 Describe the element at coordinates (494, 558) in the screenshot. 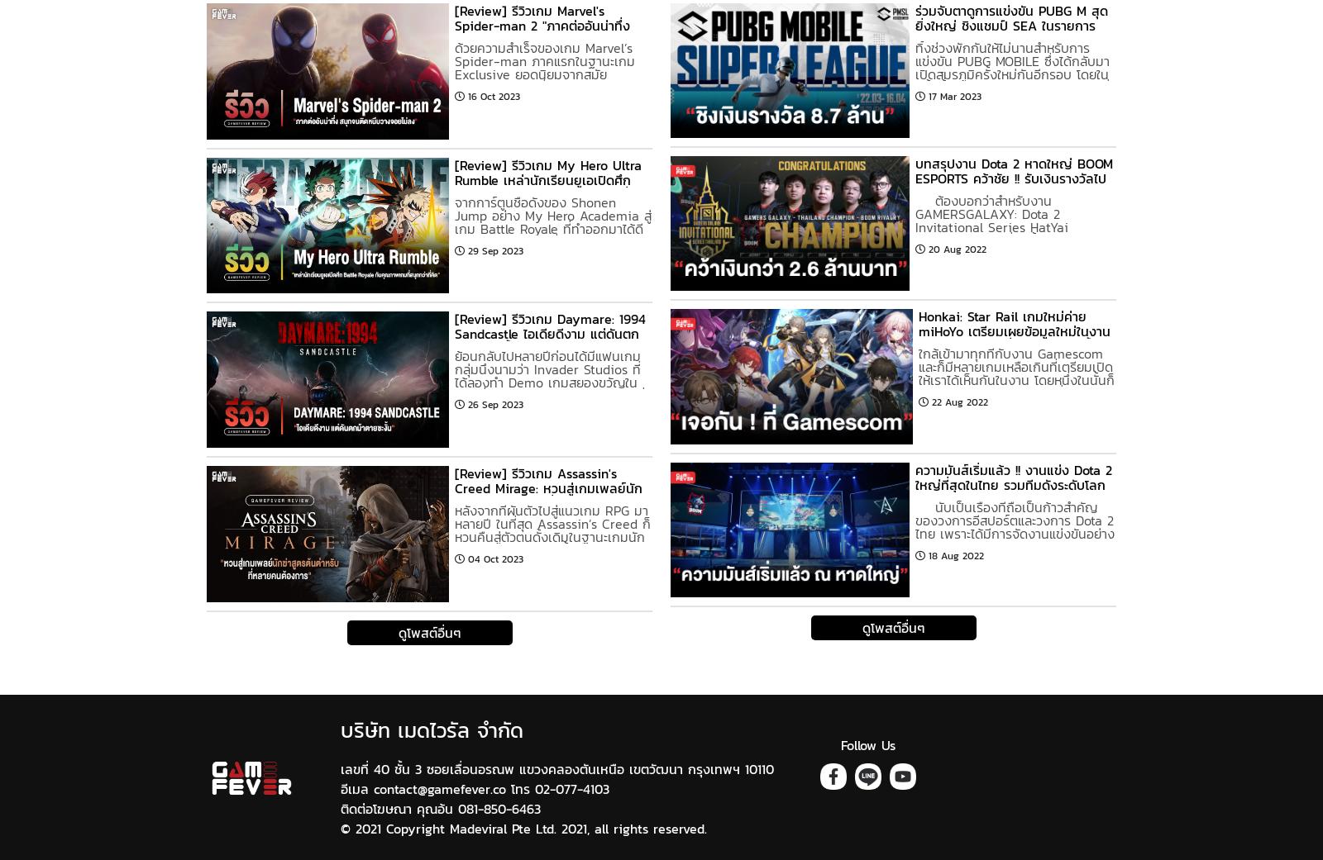

I see `'04 Oct 2023'` at that location.